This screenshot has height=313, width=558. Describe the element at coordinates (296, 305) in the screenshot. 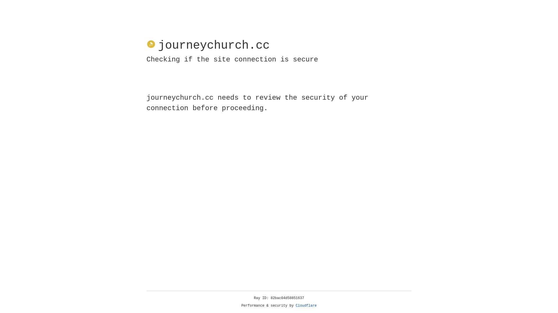

I see `'Cloudflare'` at that location.